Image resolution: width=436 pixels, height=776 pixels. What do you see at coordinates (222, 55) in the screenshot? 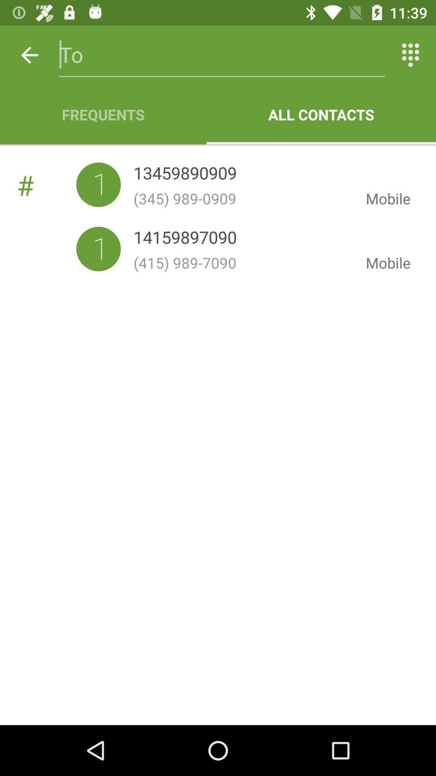
I see `the item above frequents item` at bounding box center [222, 55].